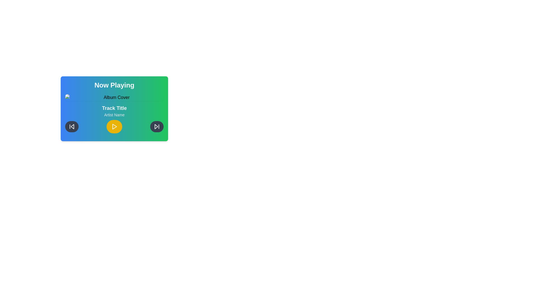 This screenshot has height=302, width=537. Describe the element at coordinates (72, 126) in the screenshot. I see `the backward-triangle-shaped 'Back' button on the bottom-left side of the music player interface` at that location.